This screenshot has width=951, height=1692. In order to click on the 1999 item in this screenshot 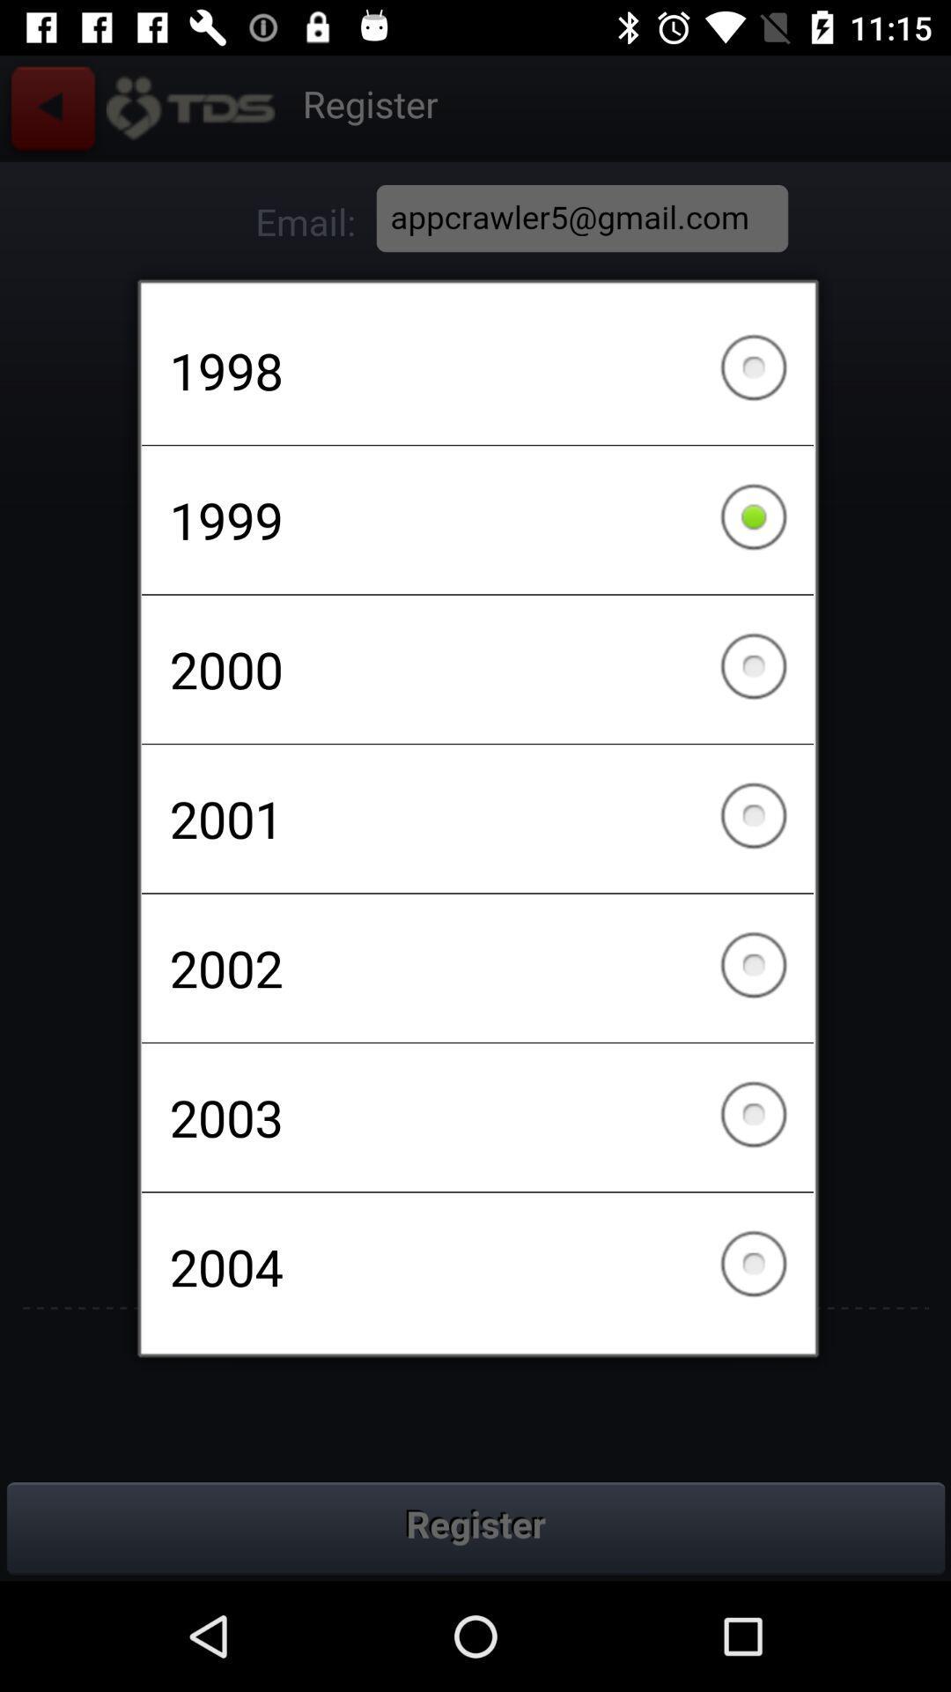, I will do `click(477, 519)`.